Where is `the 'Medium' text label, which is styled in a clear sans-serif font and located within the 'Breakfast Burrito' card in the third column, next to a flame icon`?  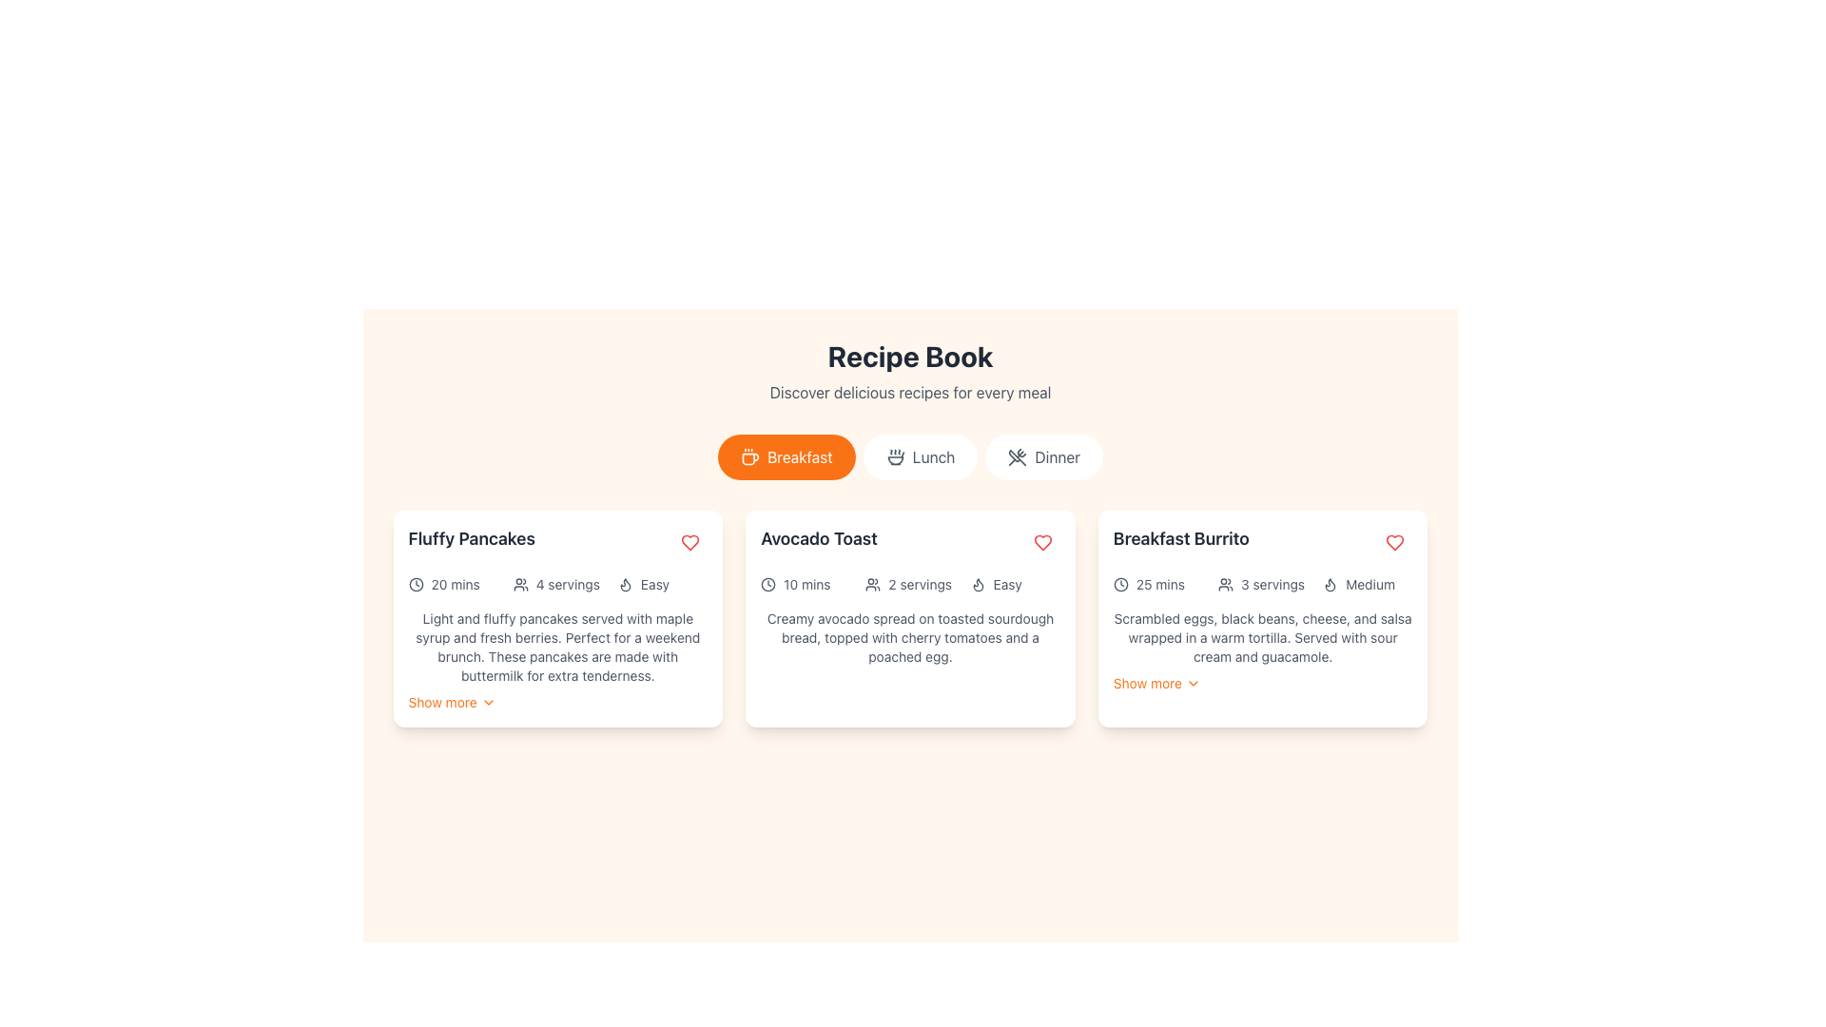 the 'Medium' text label, which is styled in a clear sans-serif font and located within the 'Breakfast Burrito' card in the third column, next to a flame icon is located at coordinates (1370, 583).